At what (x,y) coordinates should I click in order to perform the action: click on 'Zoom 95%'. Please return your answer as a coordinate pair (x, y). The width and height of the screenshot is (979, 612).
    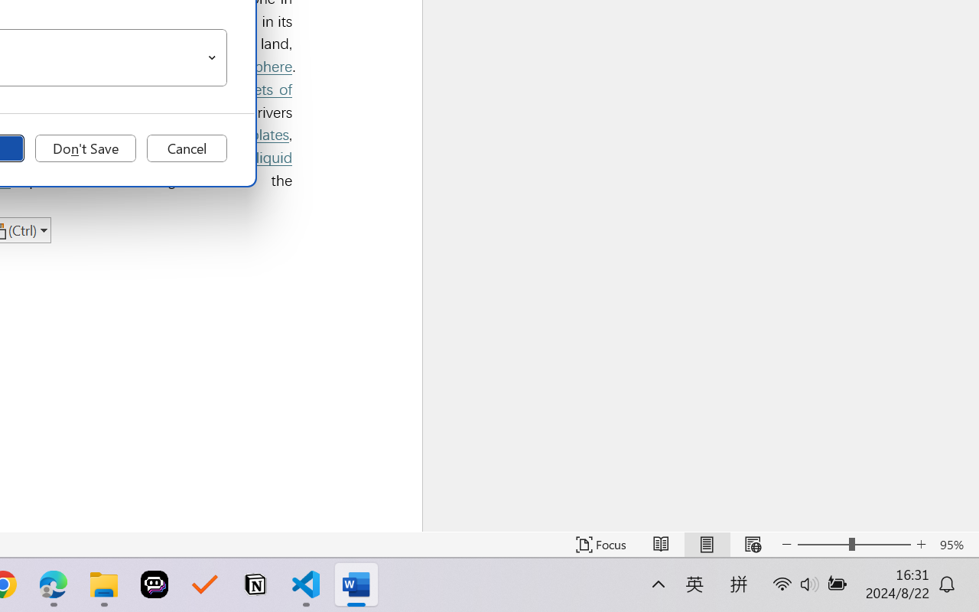
    Looking at the image, I should click on (955, 544).